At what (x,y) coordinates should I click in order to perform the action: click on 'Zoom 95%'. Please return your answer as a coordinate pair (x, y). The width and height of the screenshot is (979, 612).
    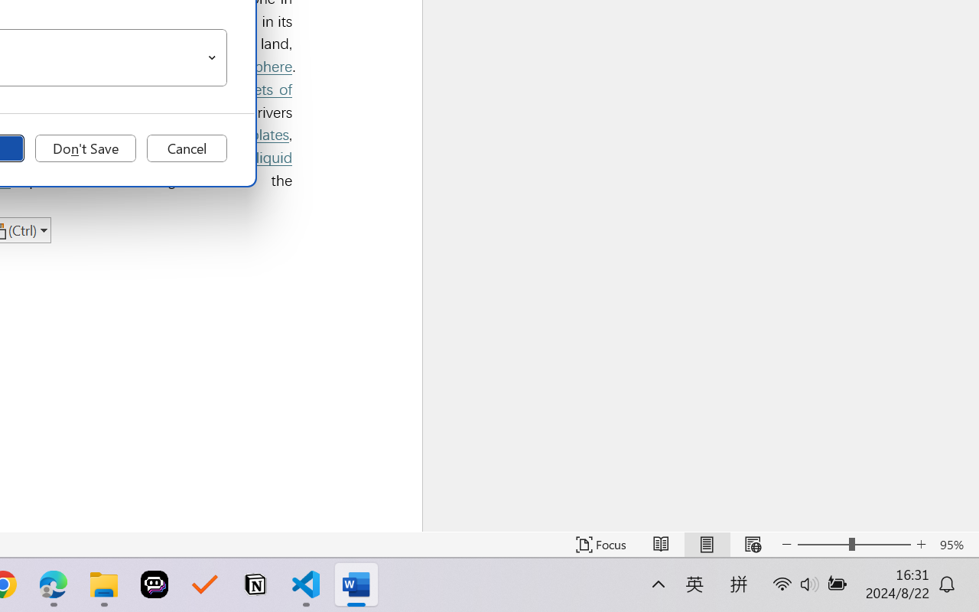
    Looking at the image, I should click on (955, 544).